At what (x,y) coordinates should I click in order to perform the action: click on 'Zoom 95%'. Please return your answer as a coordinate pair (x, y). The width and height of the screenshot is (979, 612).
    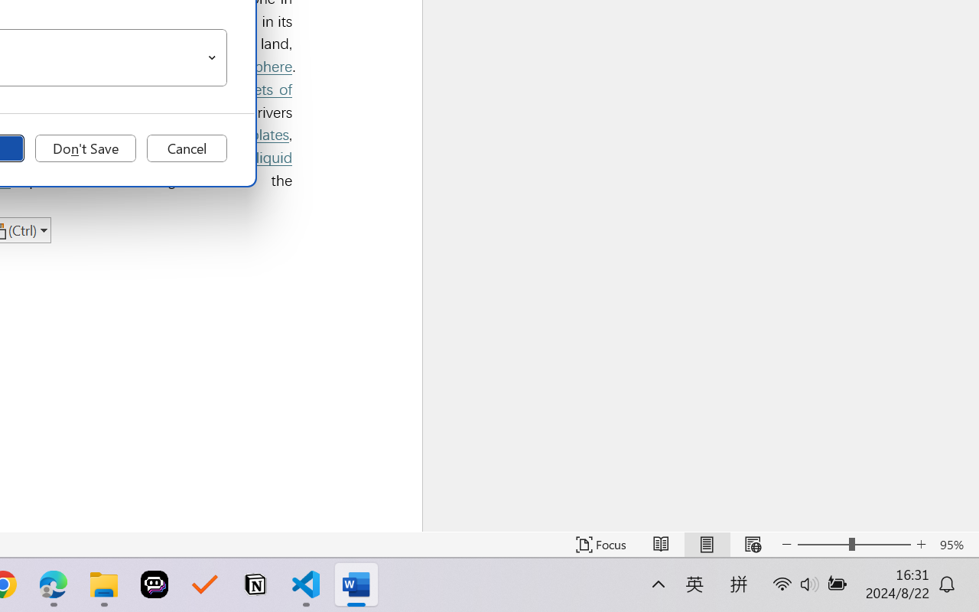
    Looking at the image, I should click on (955, 544).